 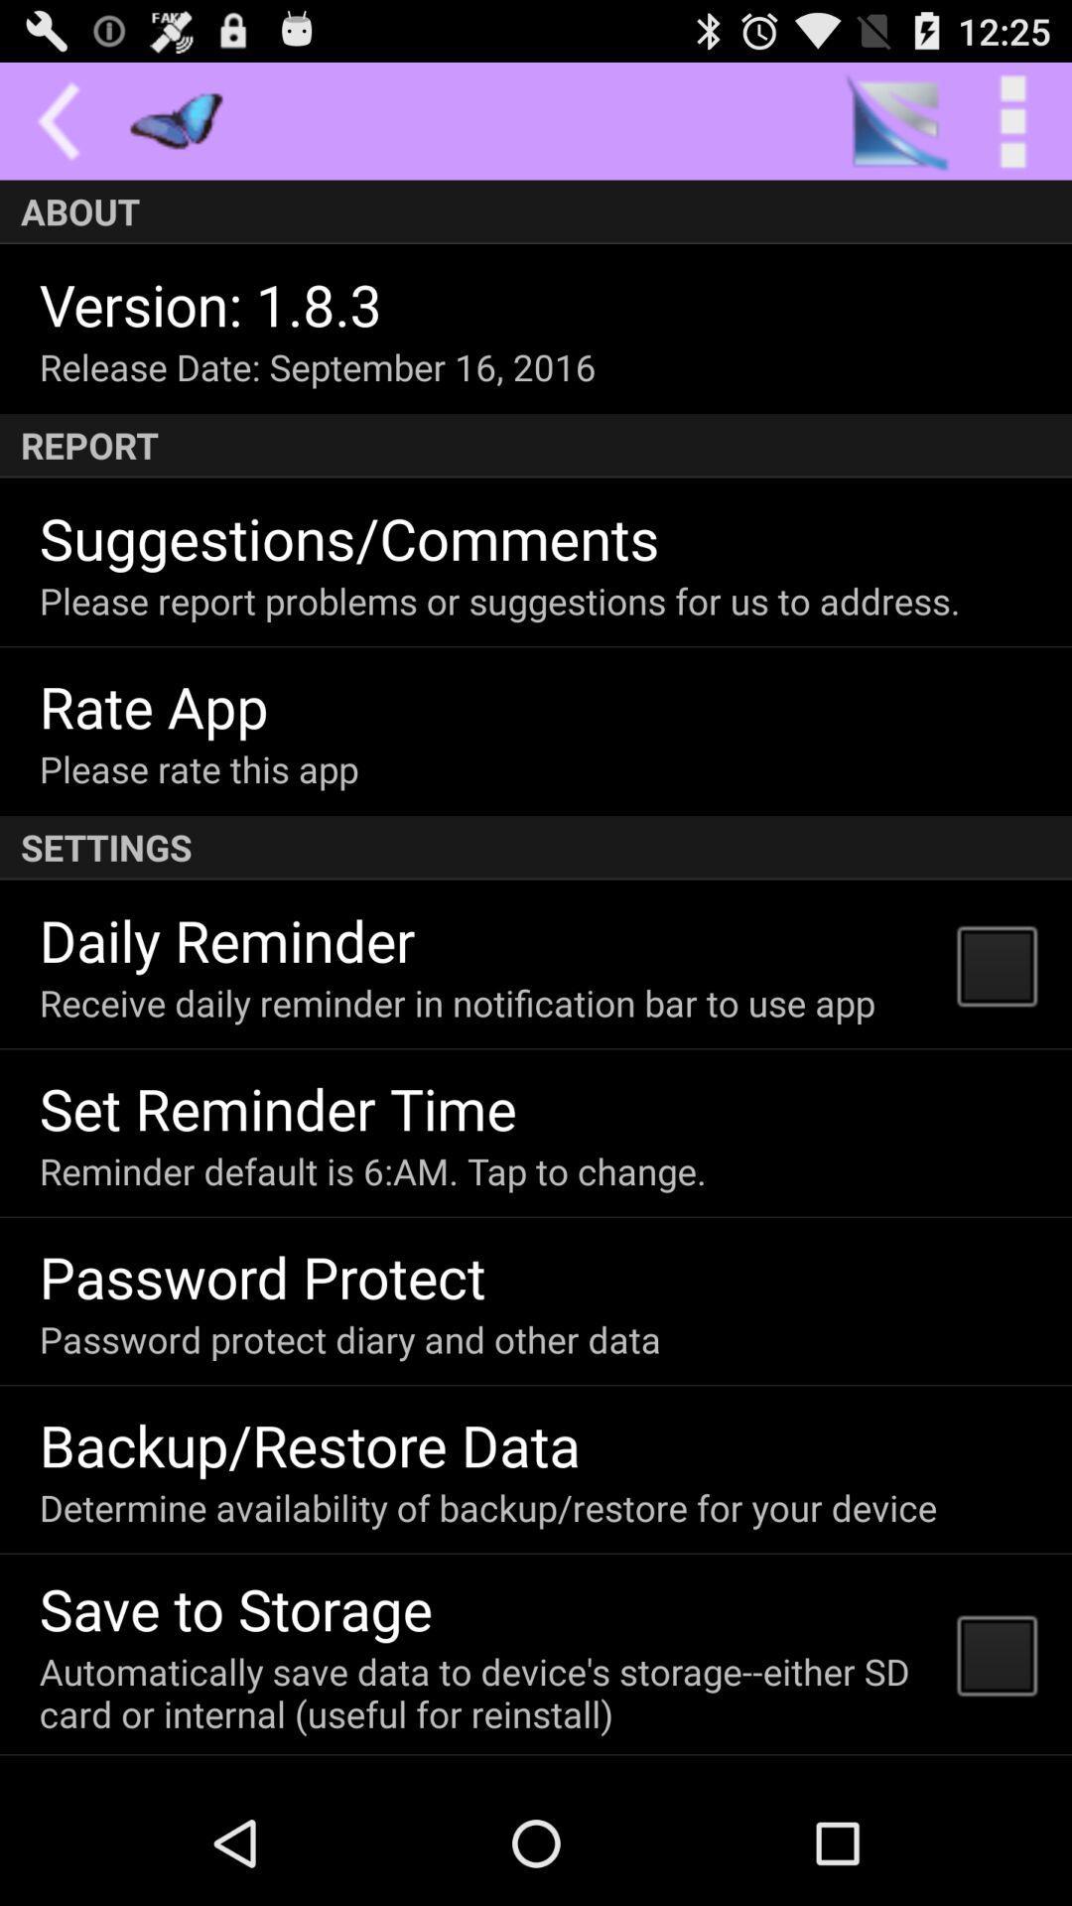 What do you see at coordinates (372, 1170) in the screenshot?
I see `the reminder default is icon` at bounding box center [372, 1170].